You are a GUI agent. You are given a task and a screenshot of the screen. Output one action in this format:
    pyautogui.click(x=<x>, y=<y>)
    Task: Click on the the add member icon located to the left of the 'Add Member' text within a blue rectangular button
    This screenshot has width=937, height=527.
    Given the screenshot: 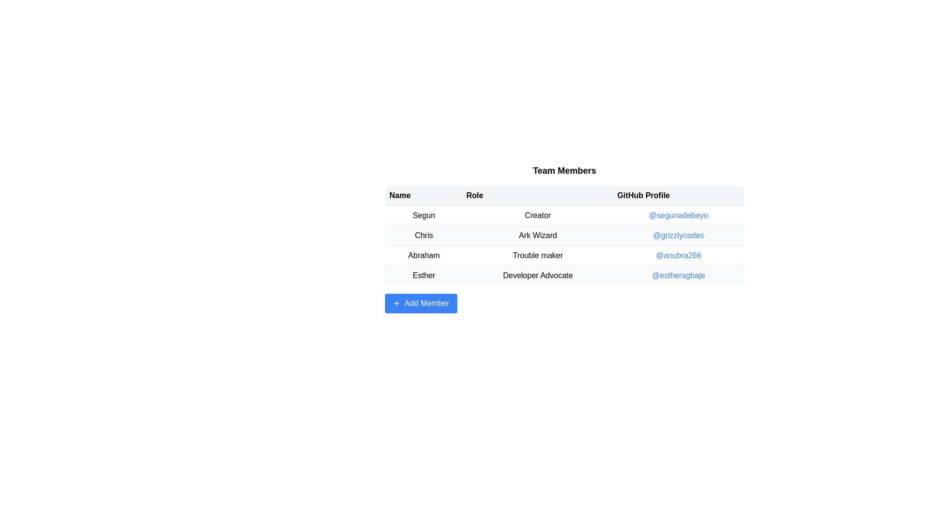 What is the action you would take?
    pyautogui.click(x=396, y=303)
    